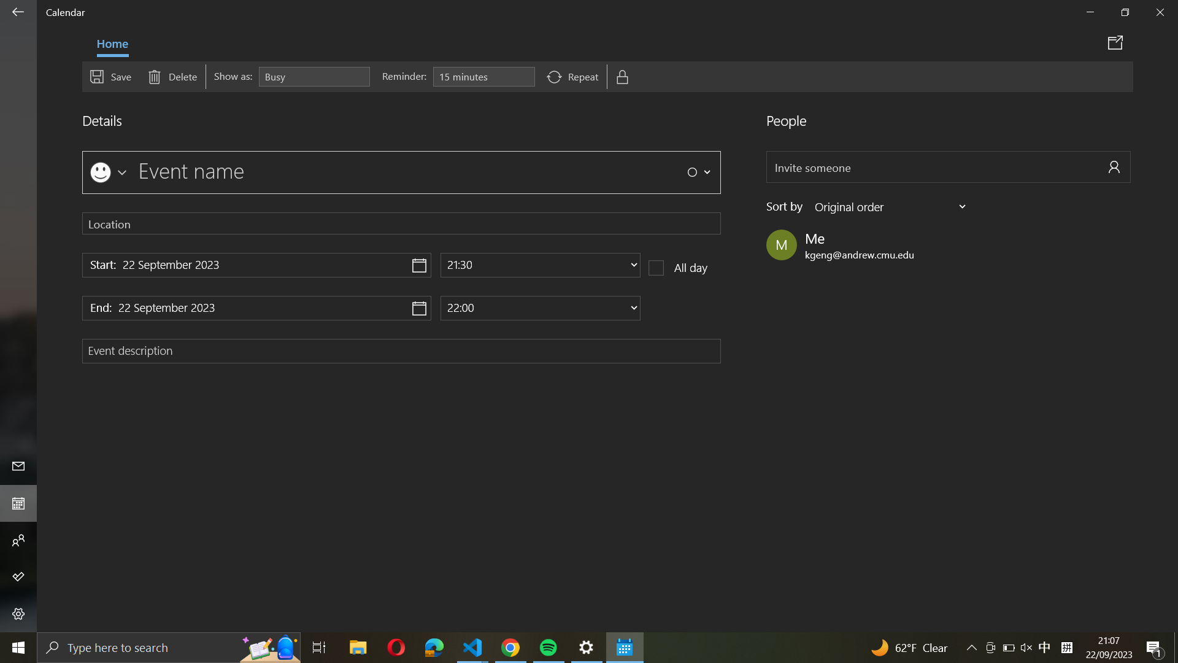  I want to click on "31 December 2021" as the initial date, so click(256, 265).